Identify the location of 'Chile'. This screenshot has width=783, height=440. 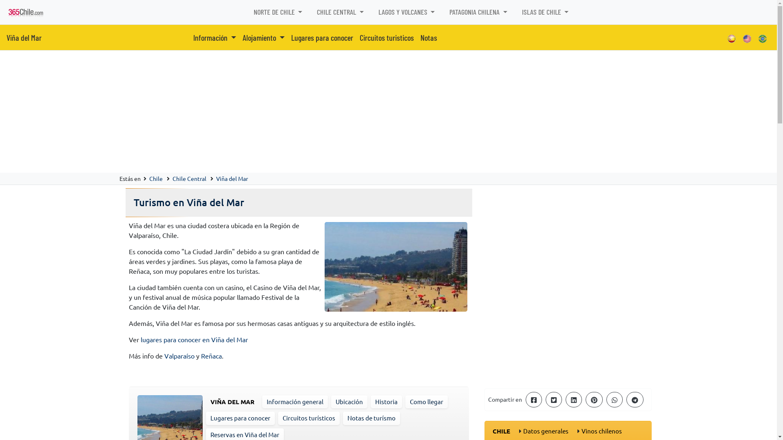
(156, 178).